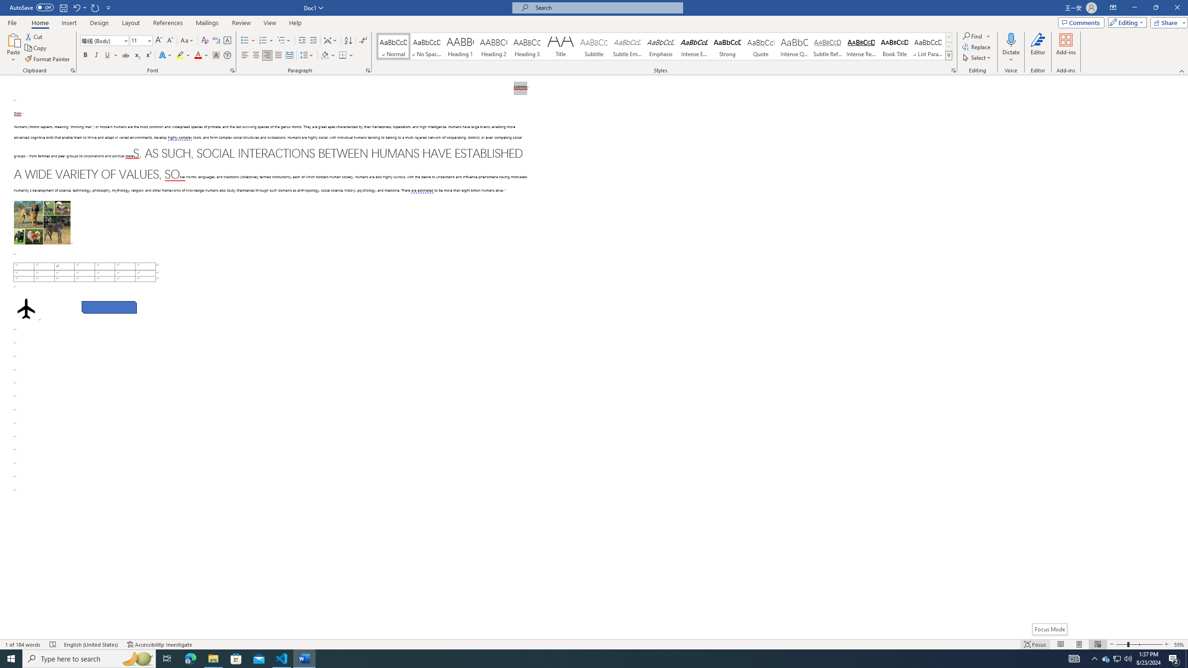  What do you see at coordinates (527, 46) in the screenshot?
I see `'Heading 3'` at bounding box center [527, 46].